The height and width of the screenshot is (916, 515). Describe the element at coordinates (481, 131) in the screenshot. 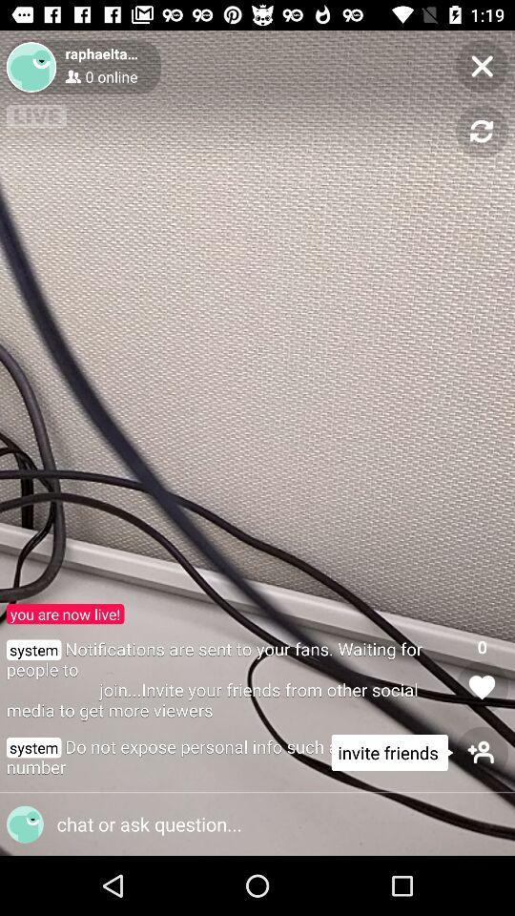

I see `refresh button` at that location.